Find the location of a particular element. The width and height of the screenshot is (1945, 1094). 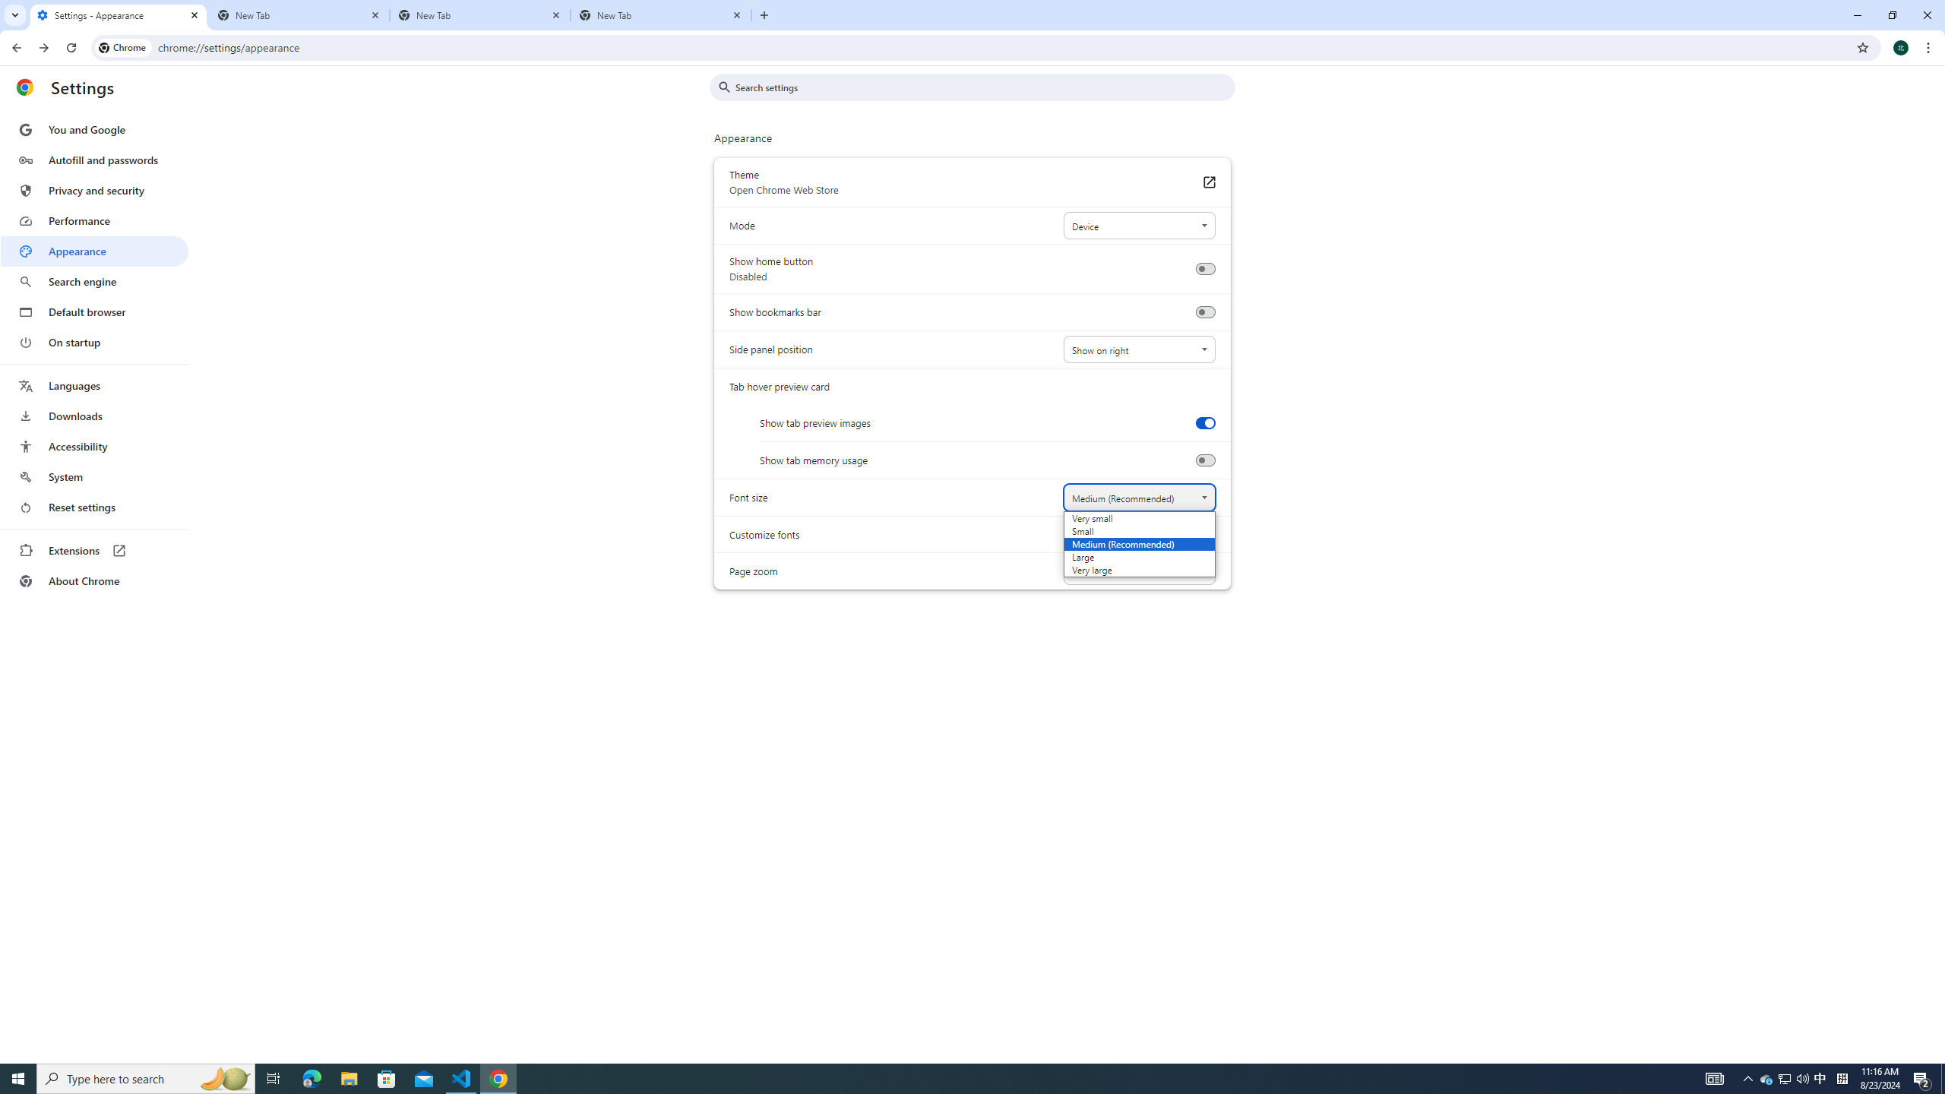

'Extensions' is located at coordinates (93, 550).